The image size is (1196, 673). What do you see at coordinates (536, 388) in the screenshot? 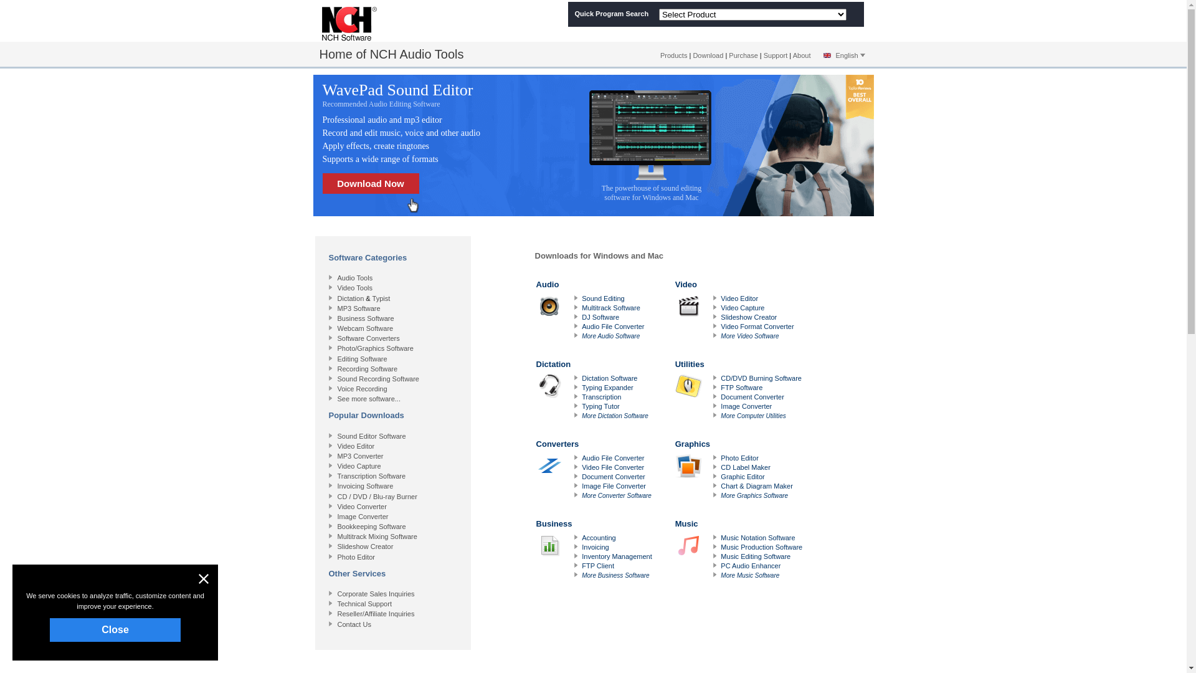
I see `'Dictation'` at bounding box center [536, 388].